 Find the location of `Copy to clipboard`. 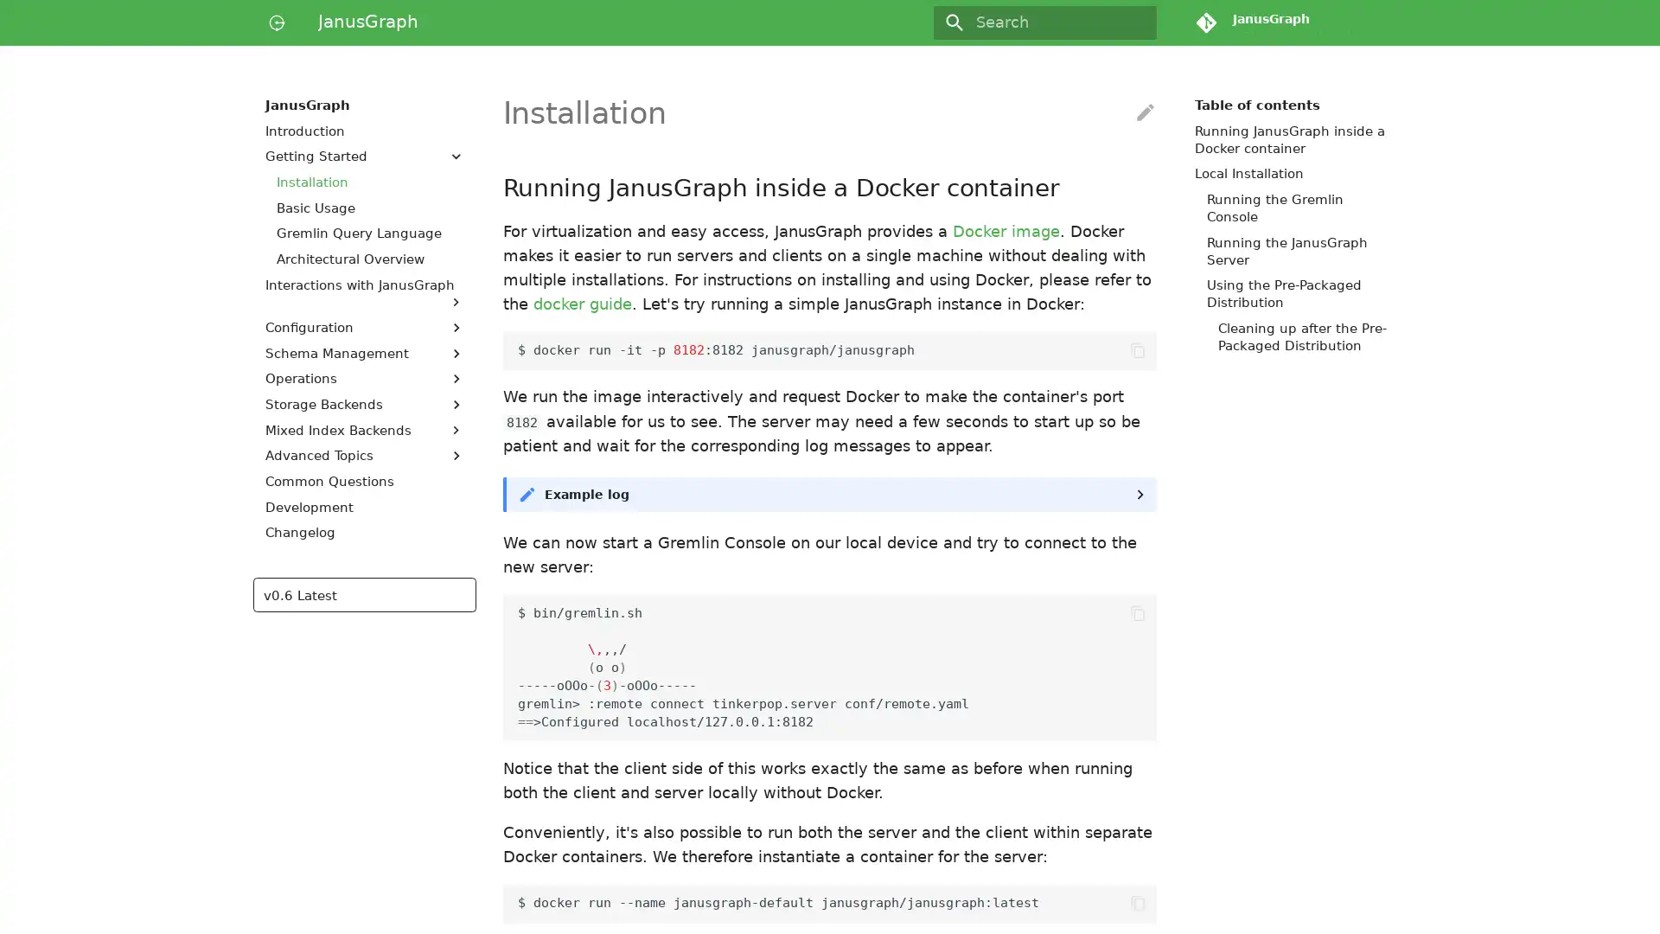

Copy to clipboard is located at coordinates (1137, 612).